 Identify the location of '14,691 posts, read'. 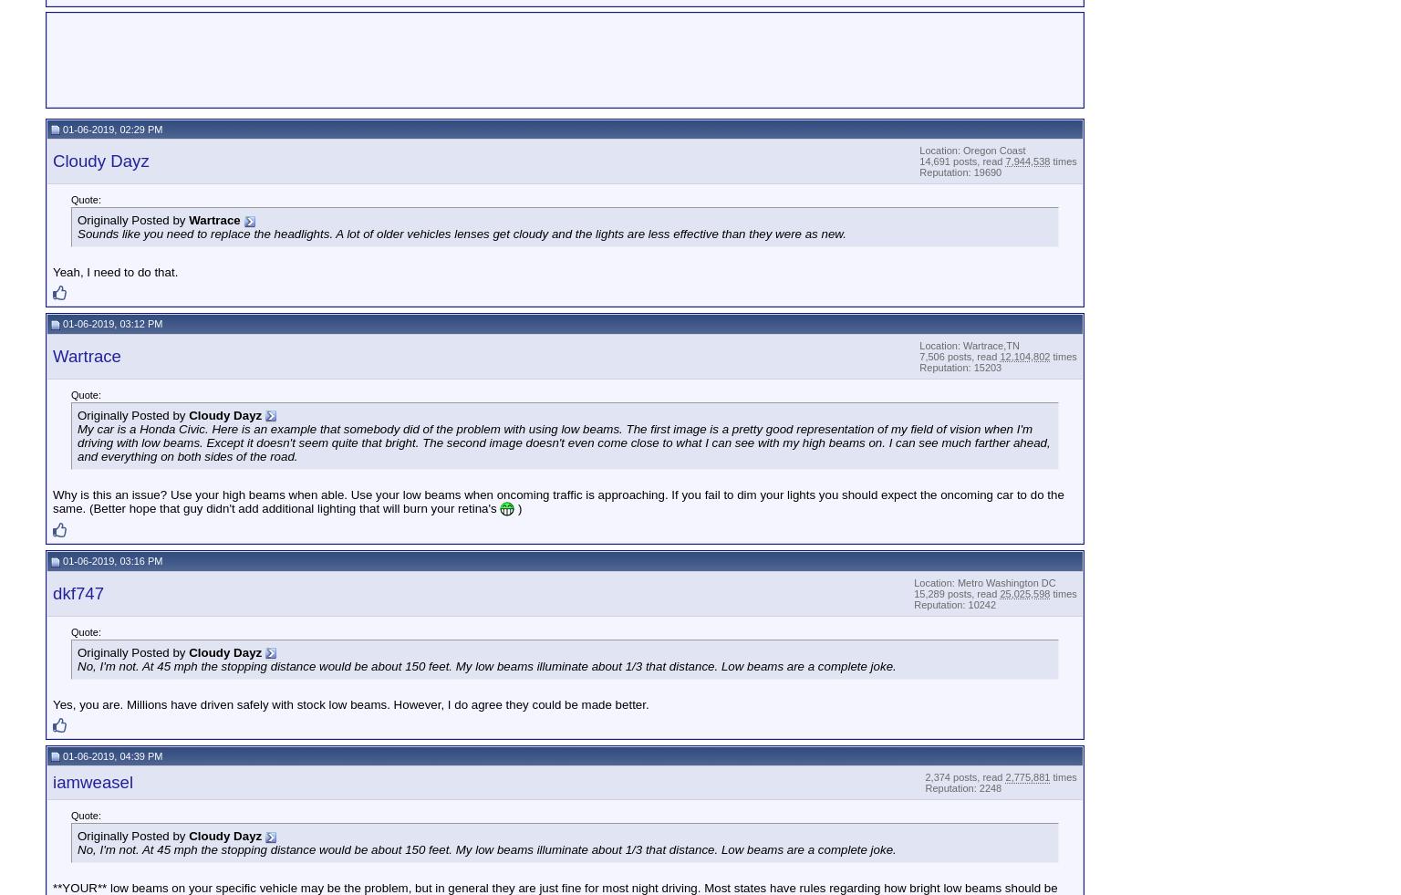
(960, 160).